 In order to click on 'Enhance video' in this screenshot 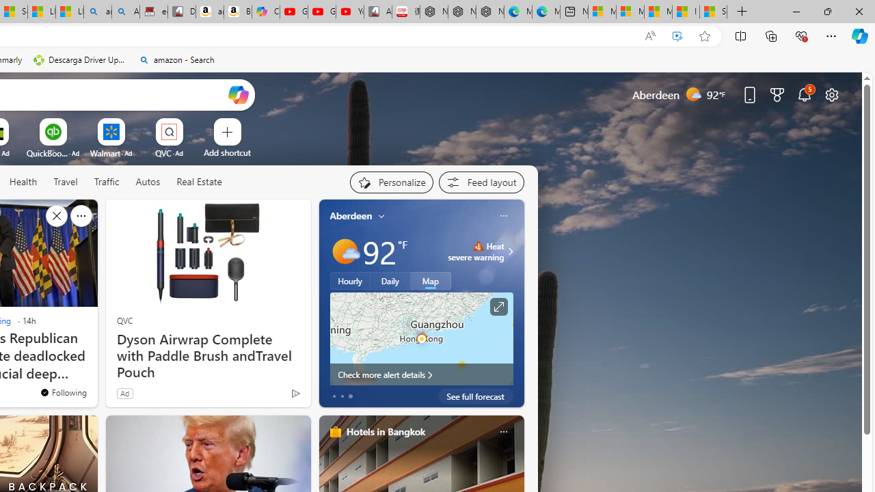, I will do `click(677, 36)`.